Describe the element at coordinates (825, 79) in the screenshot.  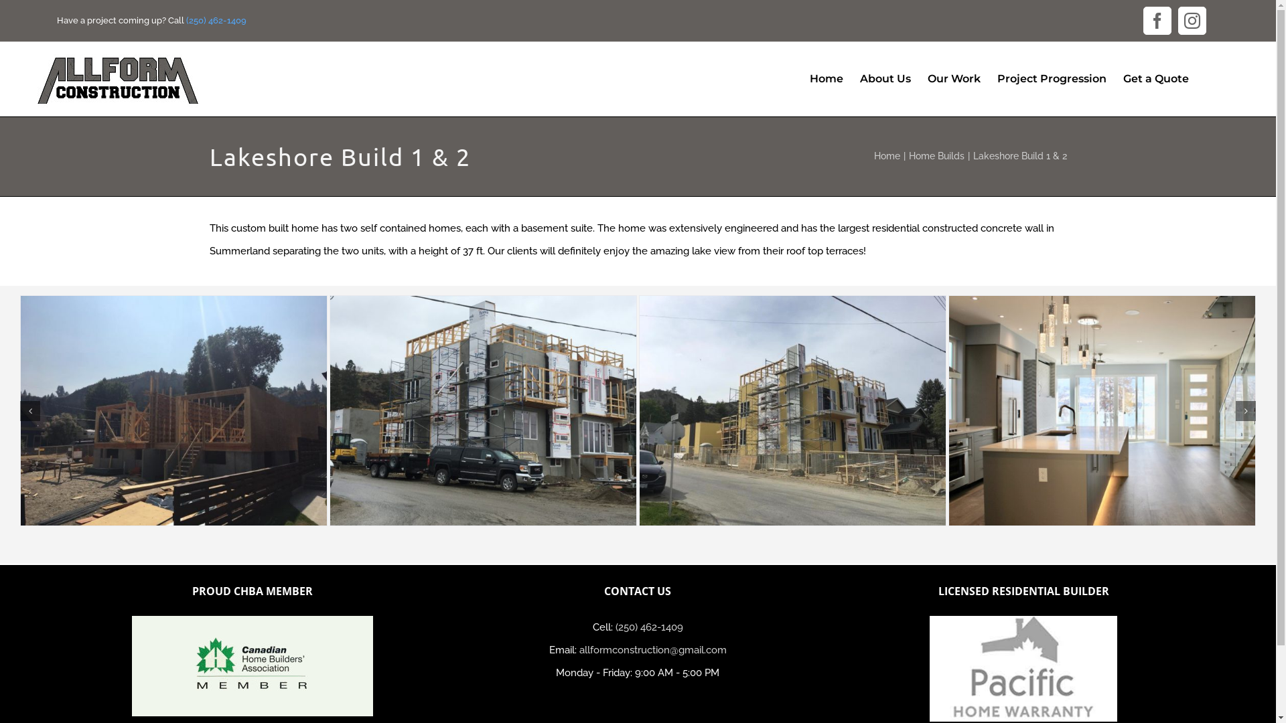
I see `'Home'` at that location.